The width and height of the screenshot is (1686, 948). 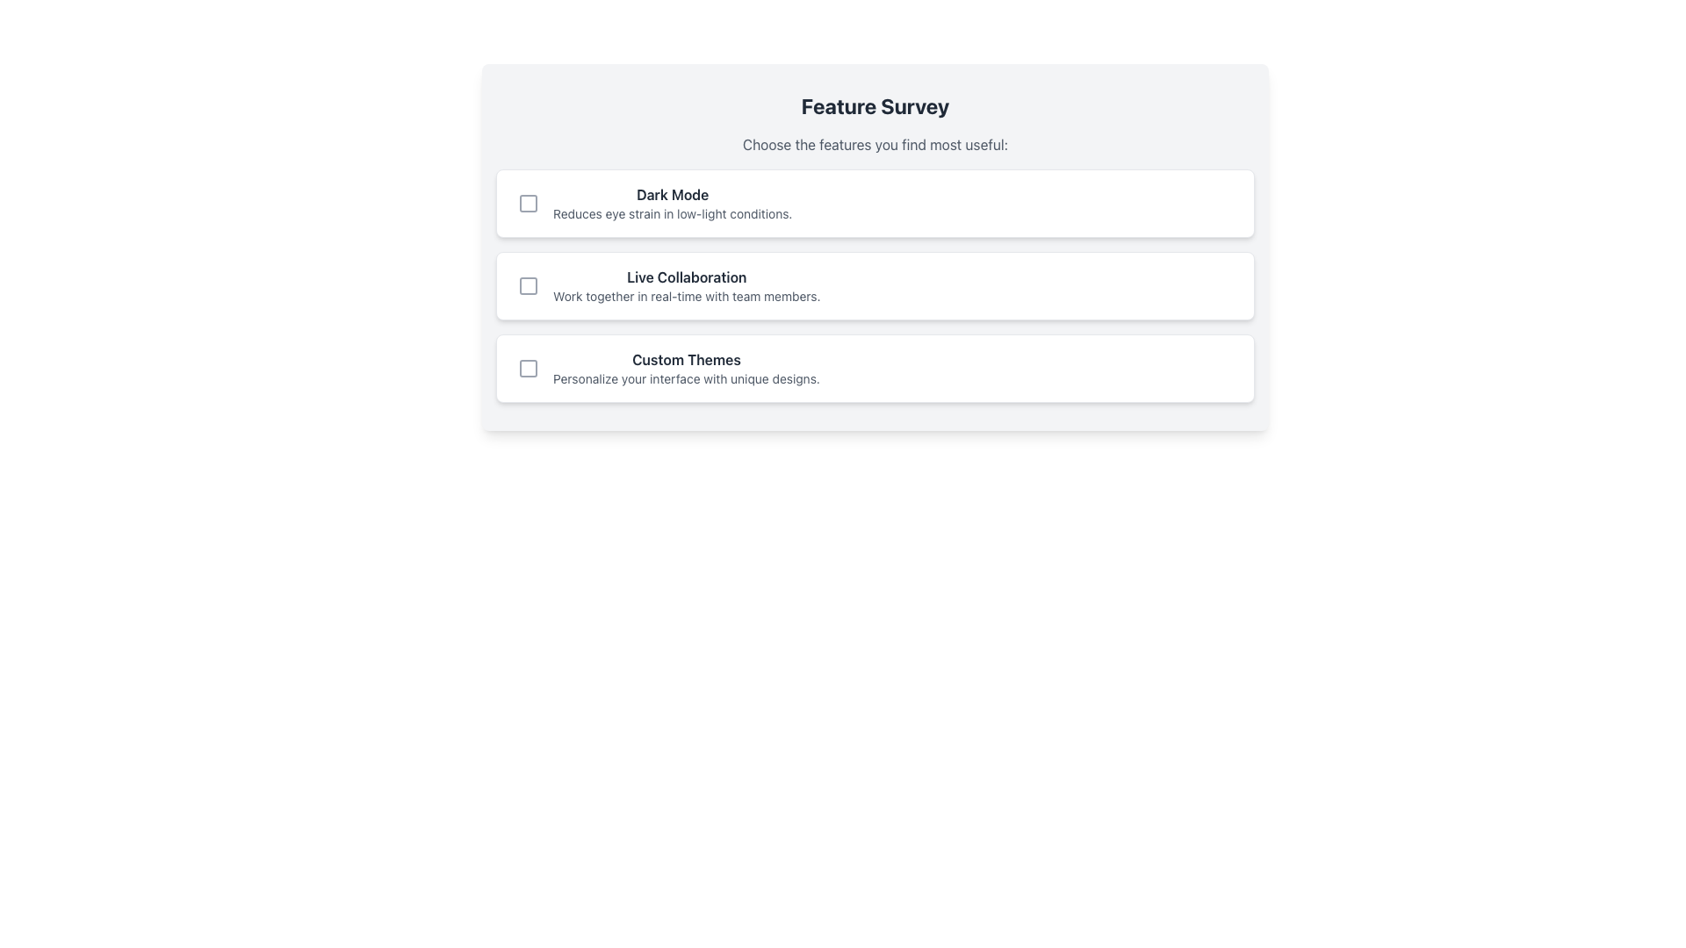 I want to click on the small rectangular Decorative graphic (SVG component) that is part of the 'Dark Mode' checkbox icon within the first selectable list item of the 'Feature Survey' section, so click(x=527, y=202).